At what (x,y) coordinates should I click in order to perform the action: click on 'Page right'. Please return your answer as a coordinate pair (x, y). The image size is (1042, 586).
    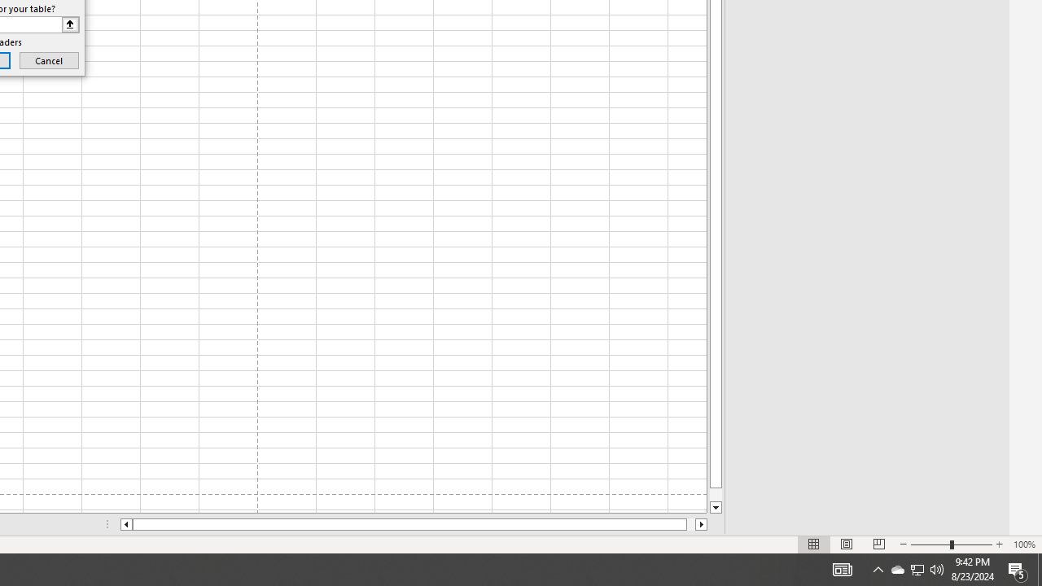
    Looking at the image, I should click on (690, 524).